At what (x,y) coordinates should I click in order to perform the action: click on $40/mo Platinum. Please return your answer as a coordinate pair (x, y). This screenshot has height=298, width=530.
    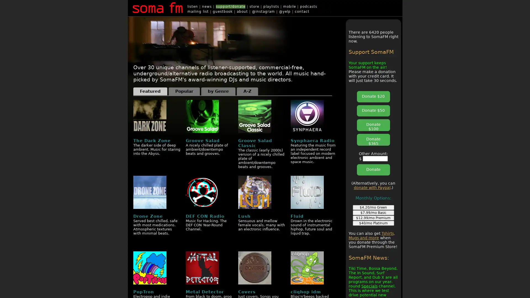
    Looking at the image, I should click on (373, 222).